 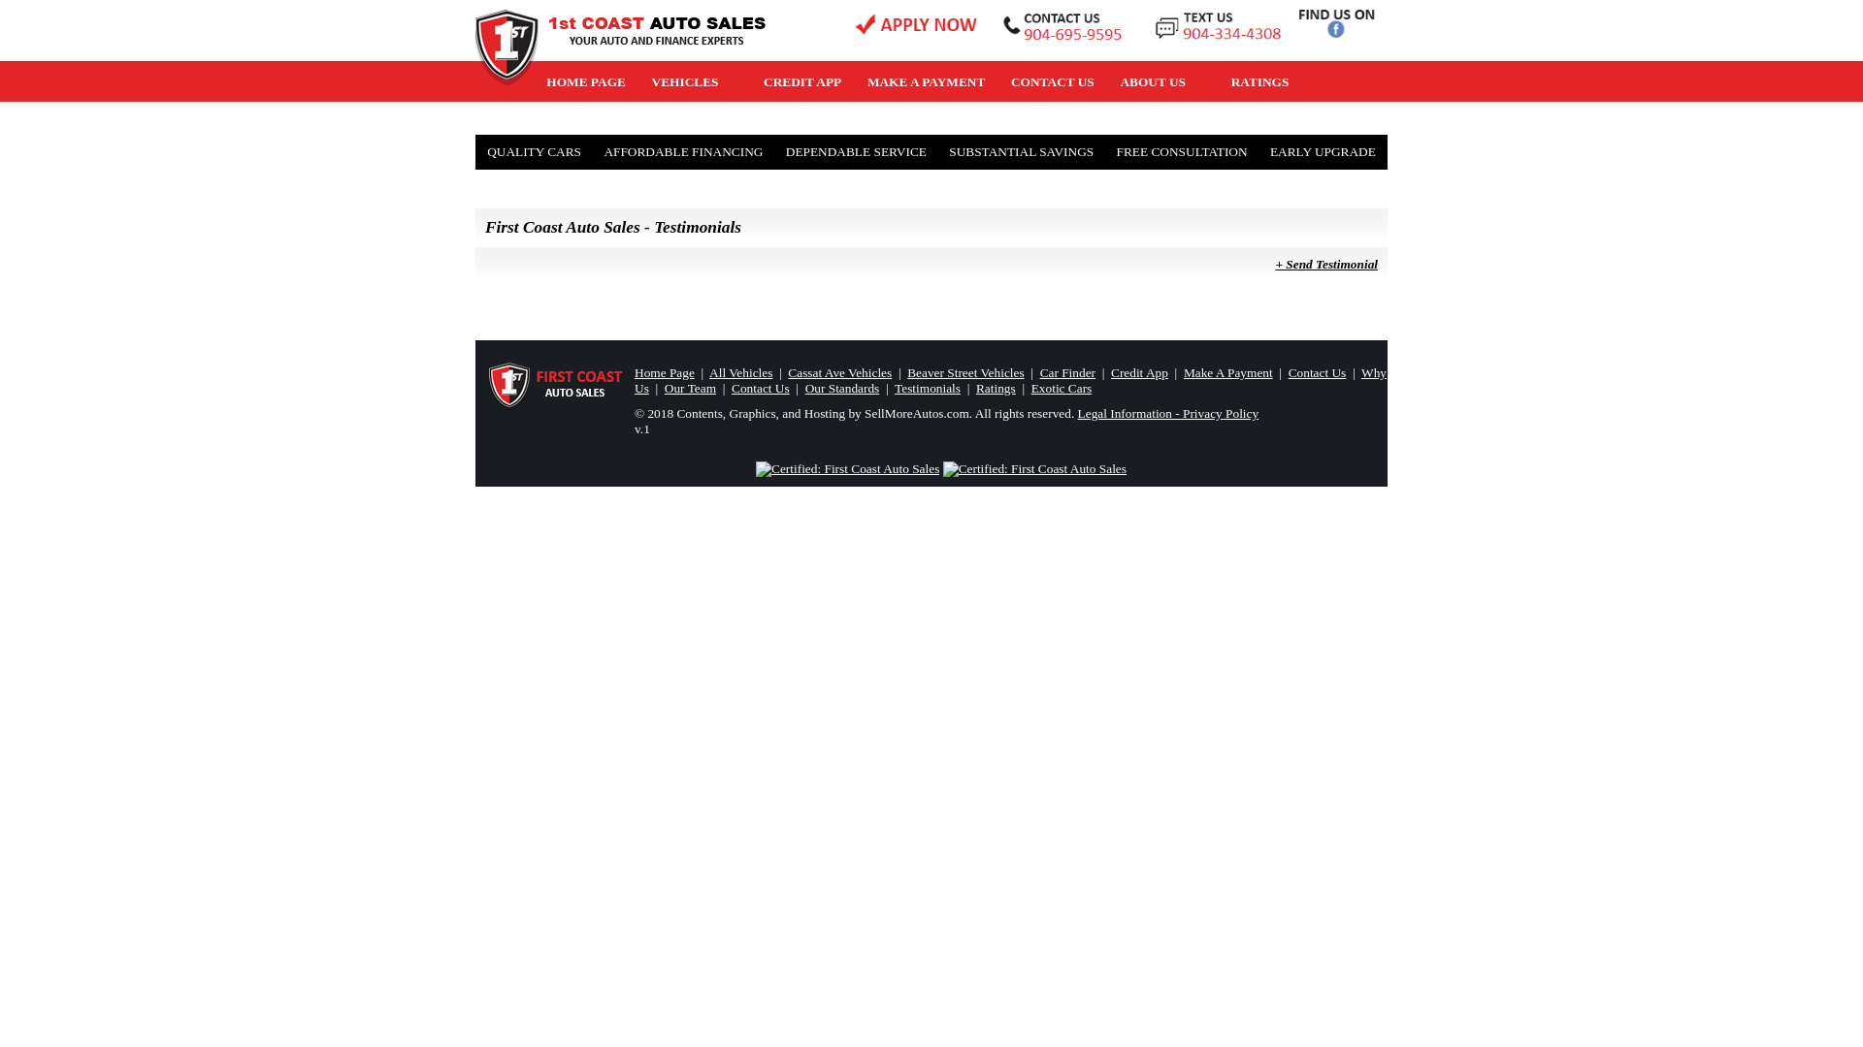 What do you see at coordinates (802, 80) in the screenshot?
I see `'CREDIT APP'` at bounding box center [802, 80].